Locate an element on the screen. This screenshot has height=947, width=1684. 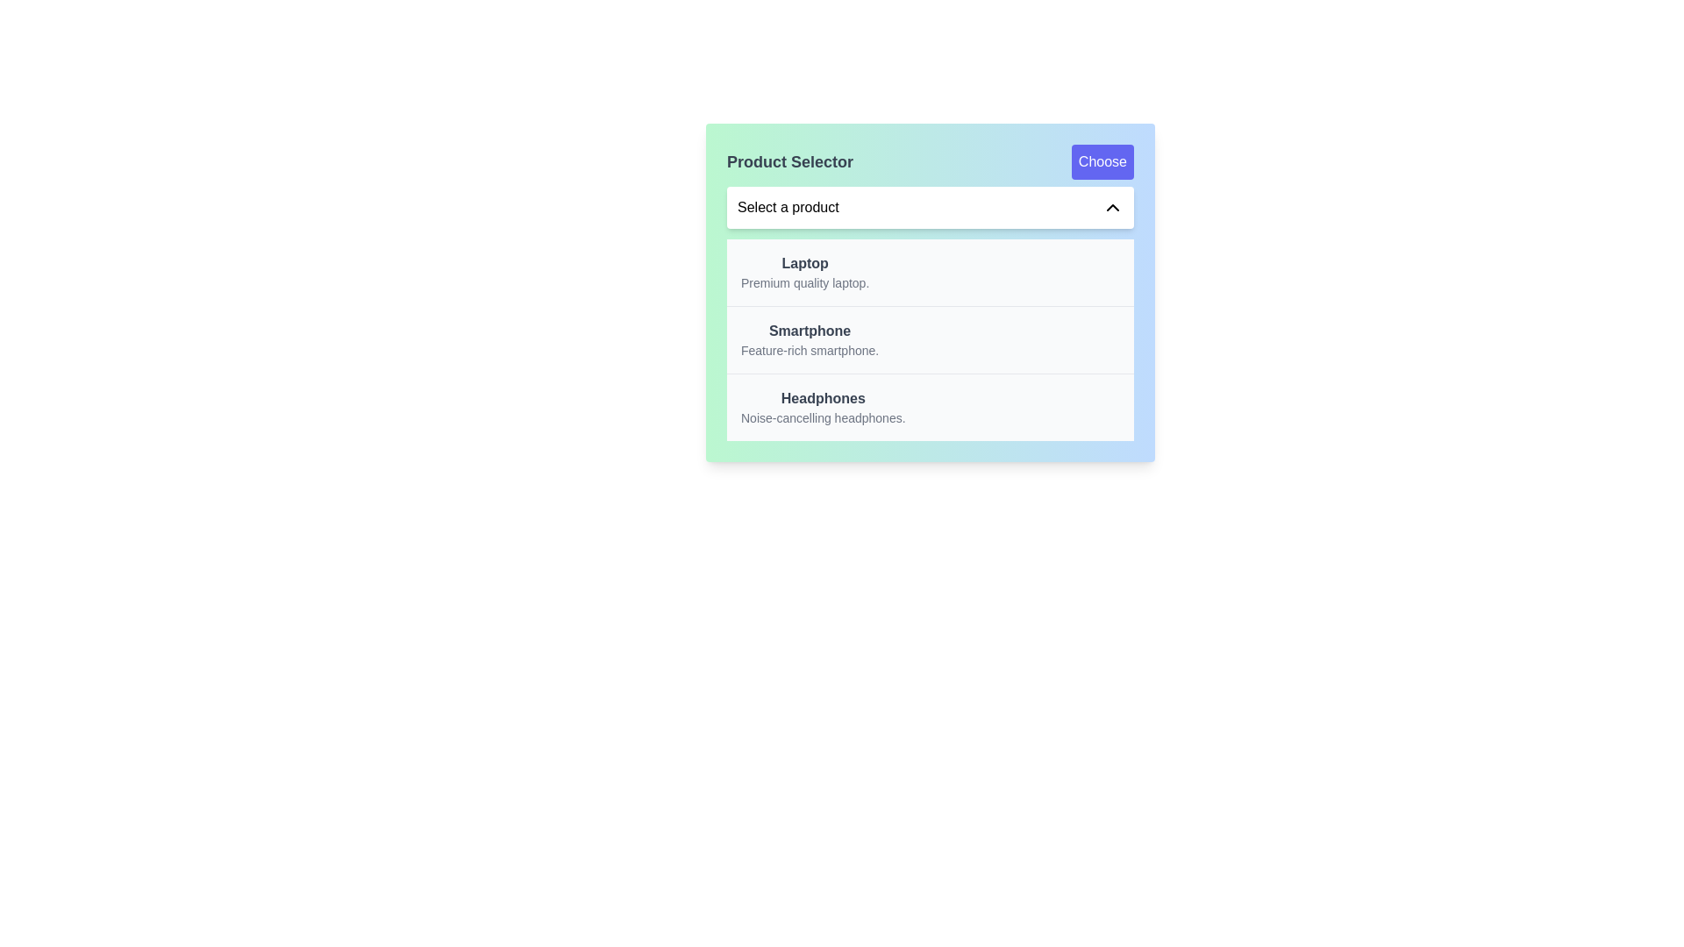
the Text Element displaying 'Smartphone' in the dropdown menu is located at coordinates (809, 340).